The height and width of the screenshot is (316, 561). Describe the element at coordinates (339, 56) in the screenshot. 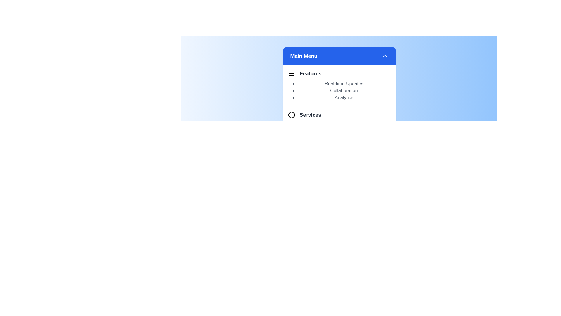

I see `the 'Main Menu' button to toggle the menu visibility` at that location.